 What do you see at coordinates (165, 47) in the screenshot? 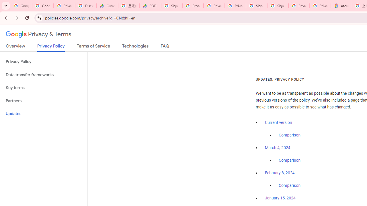
I see `'FAQ'` at bounding box center [165, 47].